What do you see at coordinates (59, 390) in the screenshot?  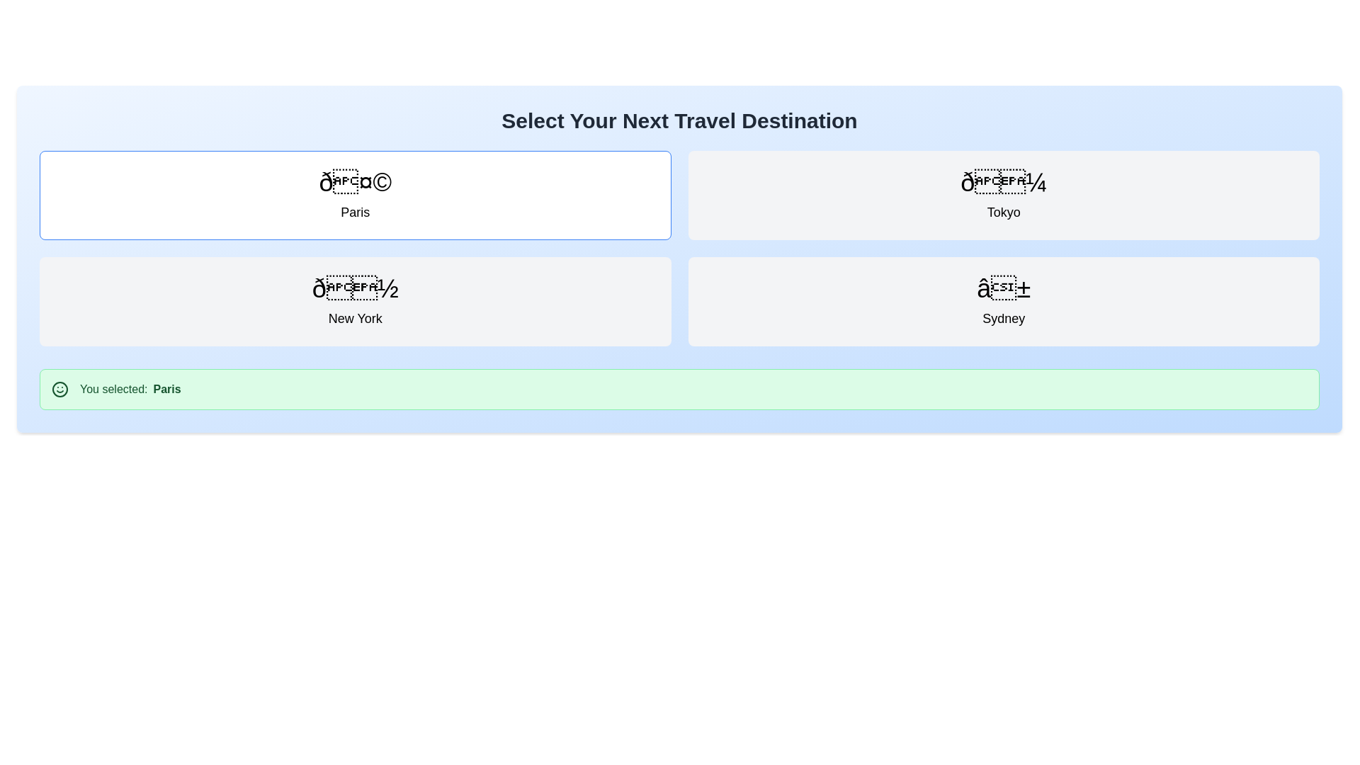 I see `the smiley face icon located at the far-left side of the green-highlighted box displaying 'You selected: Paris'` at bounding box center [59, 390].